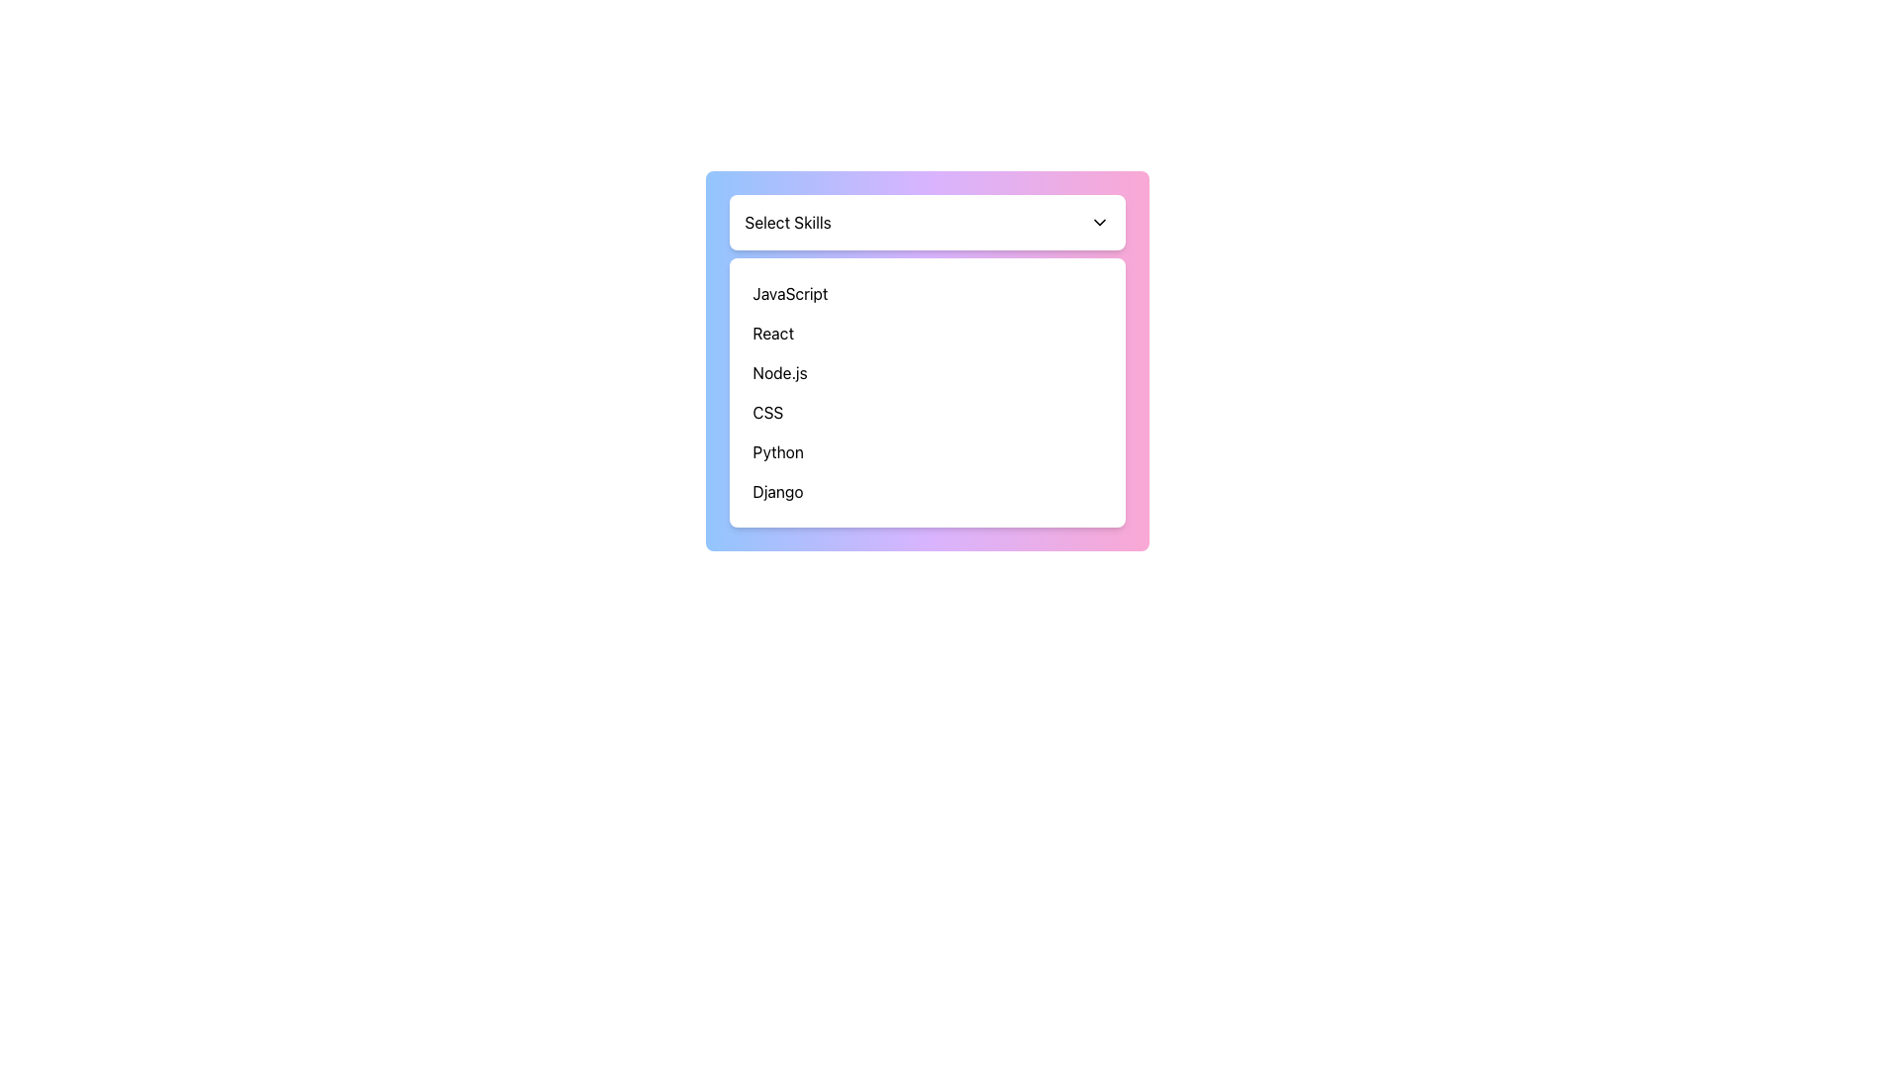 The image size is (1901, 1069). Describe the element at coordinates (766, 411) in the screenshot. I see `the text label displaying 'CSS' in a bold sans-serif font, which is centrally aligned within the dropdown menu under 'Select Skills'` at that location.